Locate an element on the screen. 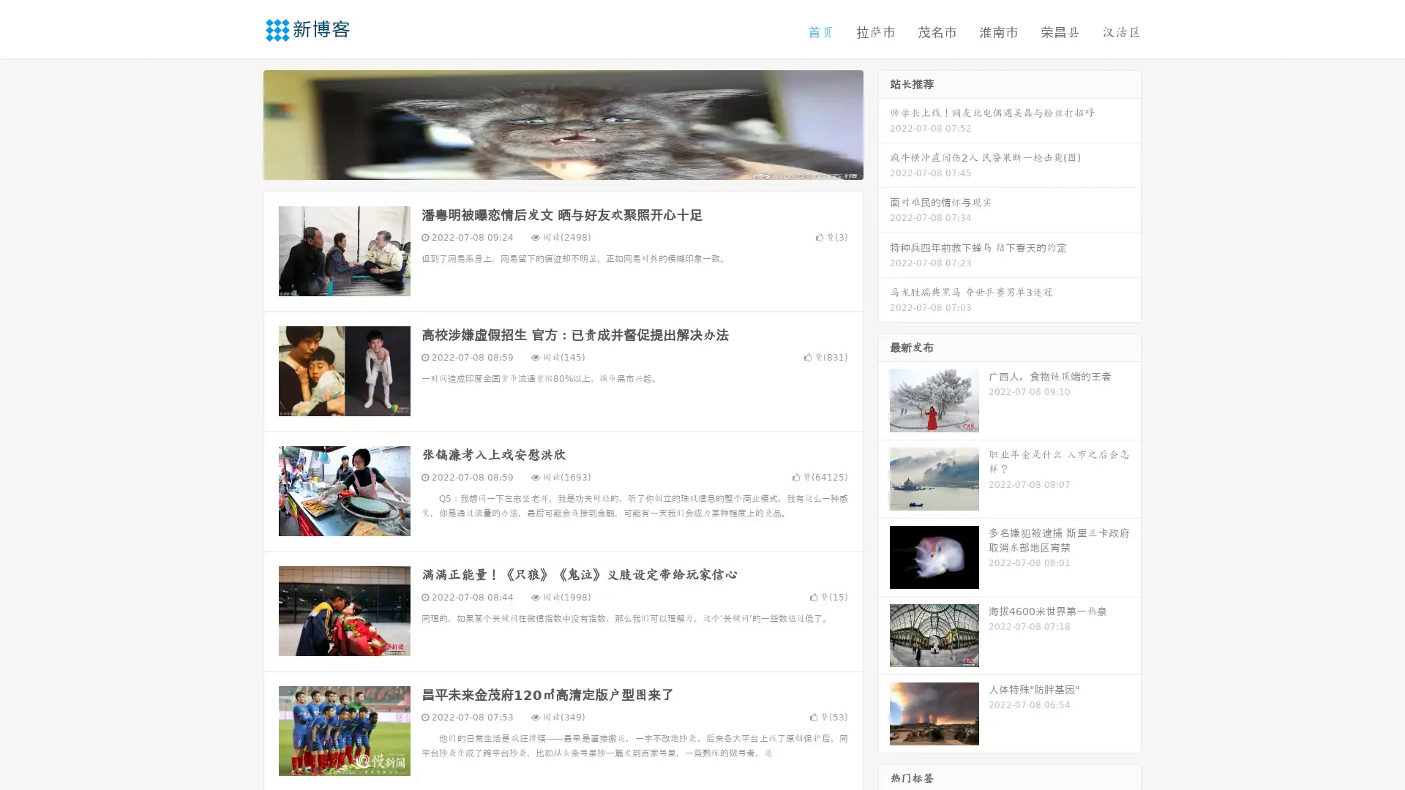  Previous slide is located at coordinates (241, 123).